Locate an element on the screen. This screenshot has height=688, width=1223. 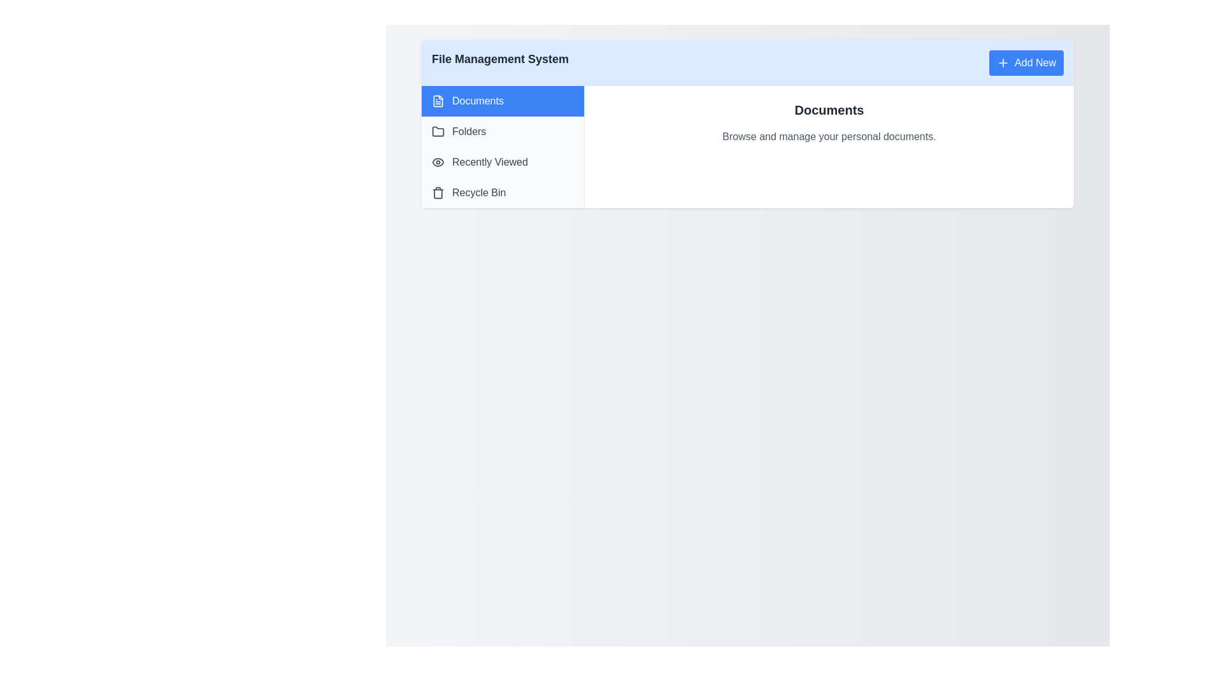
the 'Recycle Bin' entry in the sidebar menu, which is the fourth item below 'Recently Viewed' and features a bin icon and gray text is located at coordinates (502, 193).